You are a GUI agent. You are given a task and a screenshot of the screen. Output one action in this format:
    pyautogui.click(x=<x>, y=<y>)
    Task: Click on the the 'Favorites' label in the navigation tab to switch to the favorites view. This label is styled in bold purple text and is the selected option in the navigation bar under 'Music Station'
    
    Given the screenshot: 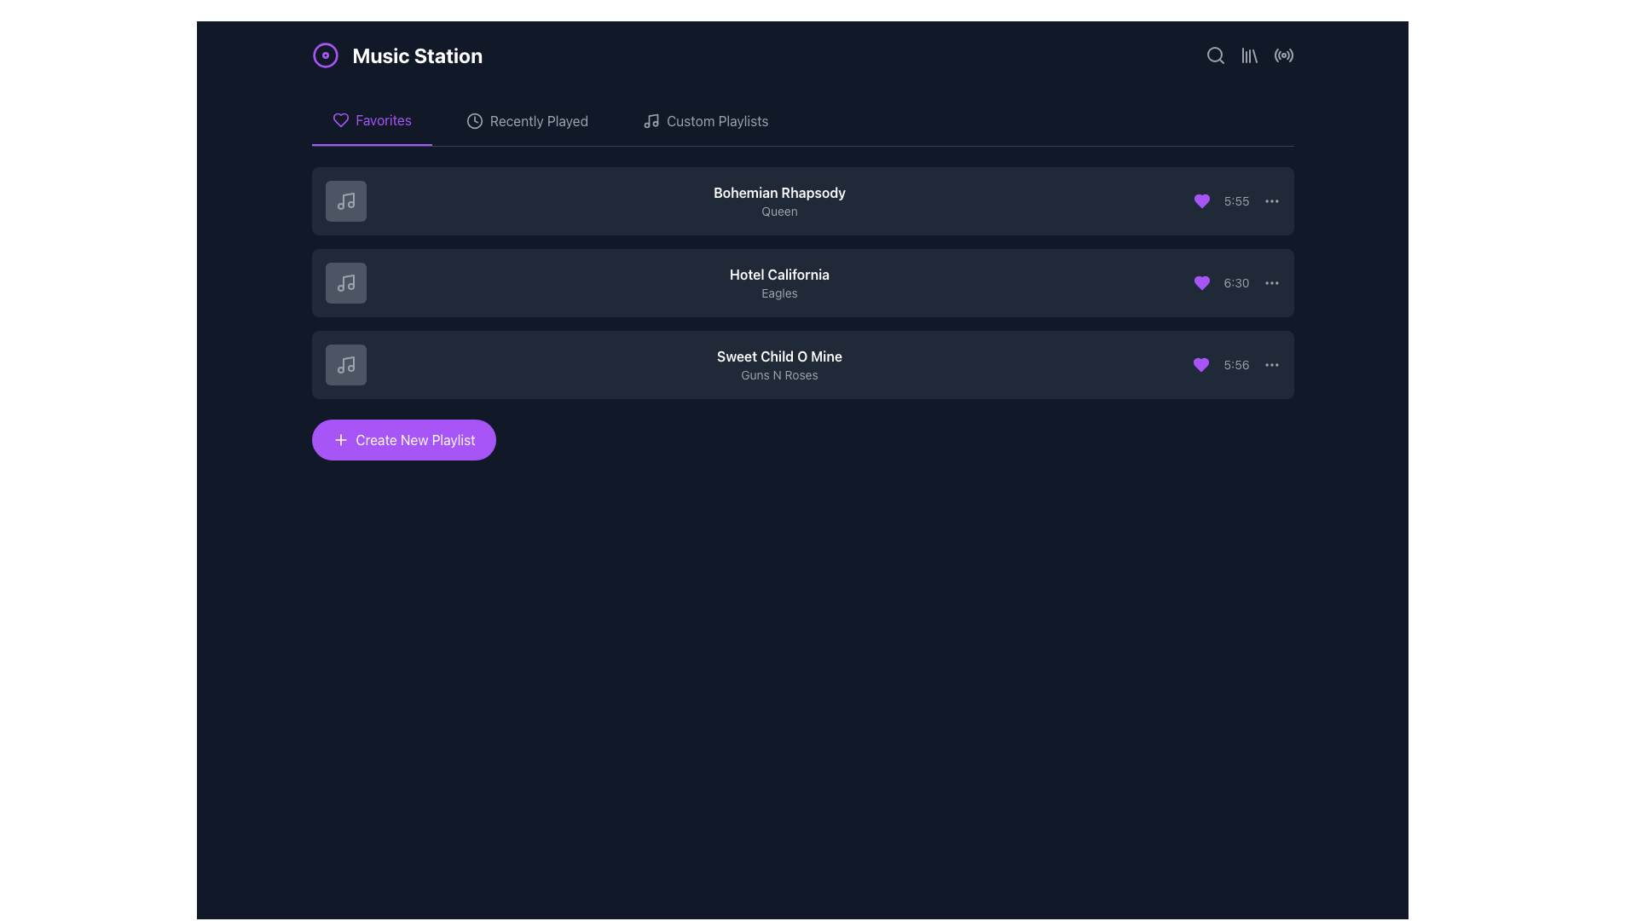 What is the action you would take?
    pyautogui.click(x=383, y=119)
    